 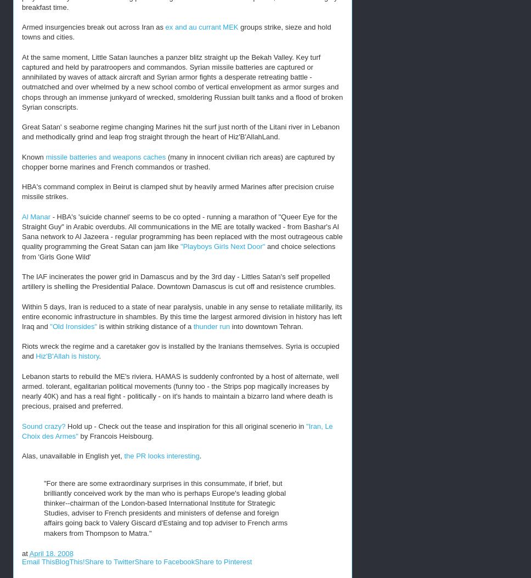 I want to click on 'missile batteries and weapons caches', so click(x=106, y=156).